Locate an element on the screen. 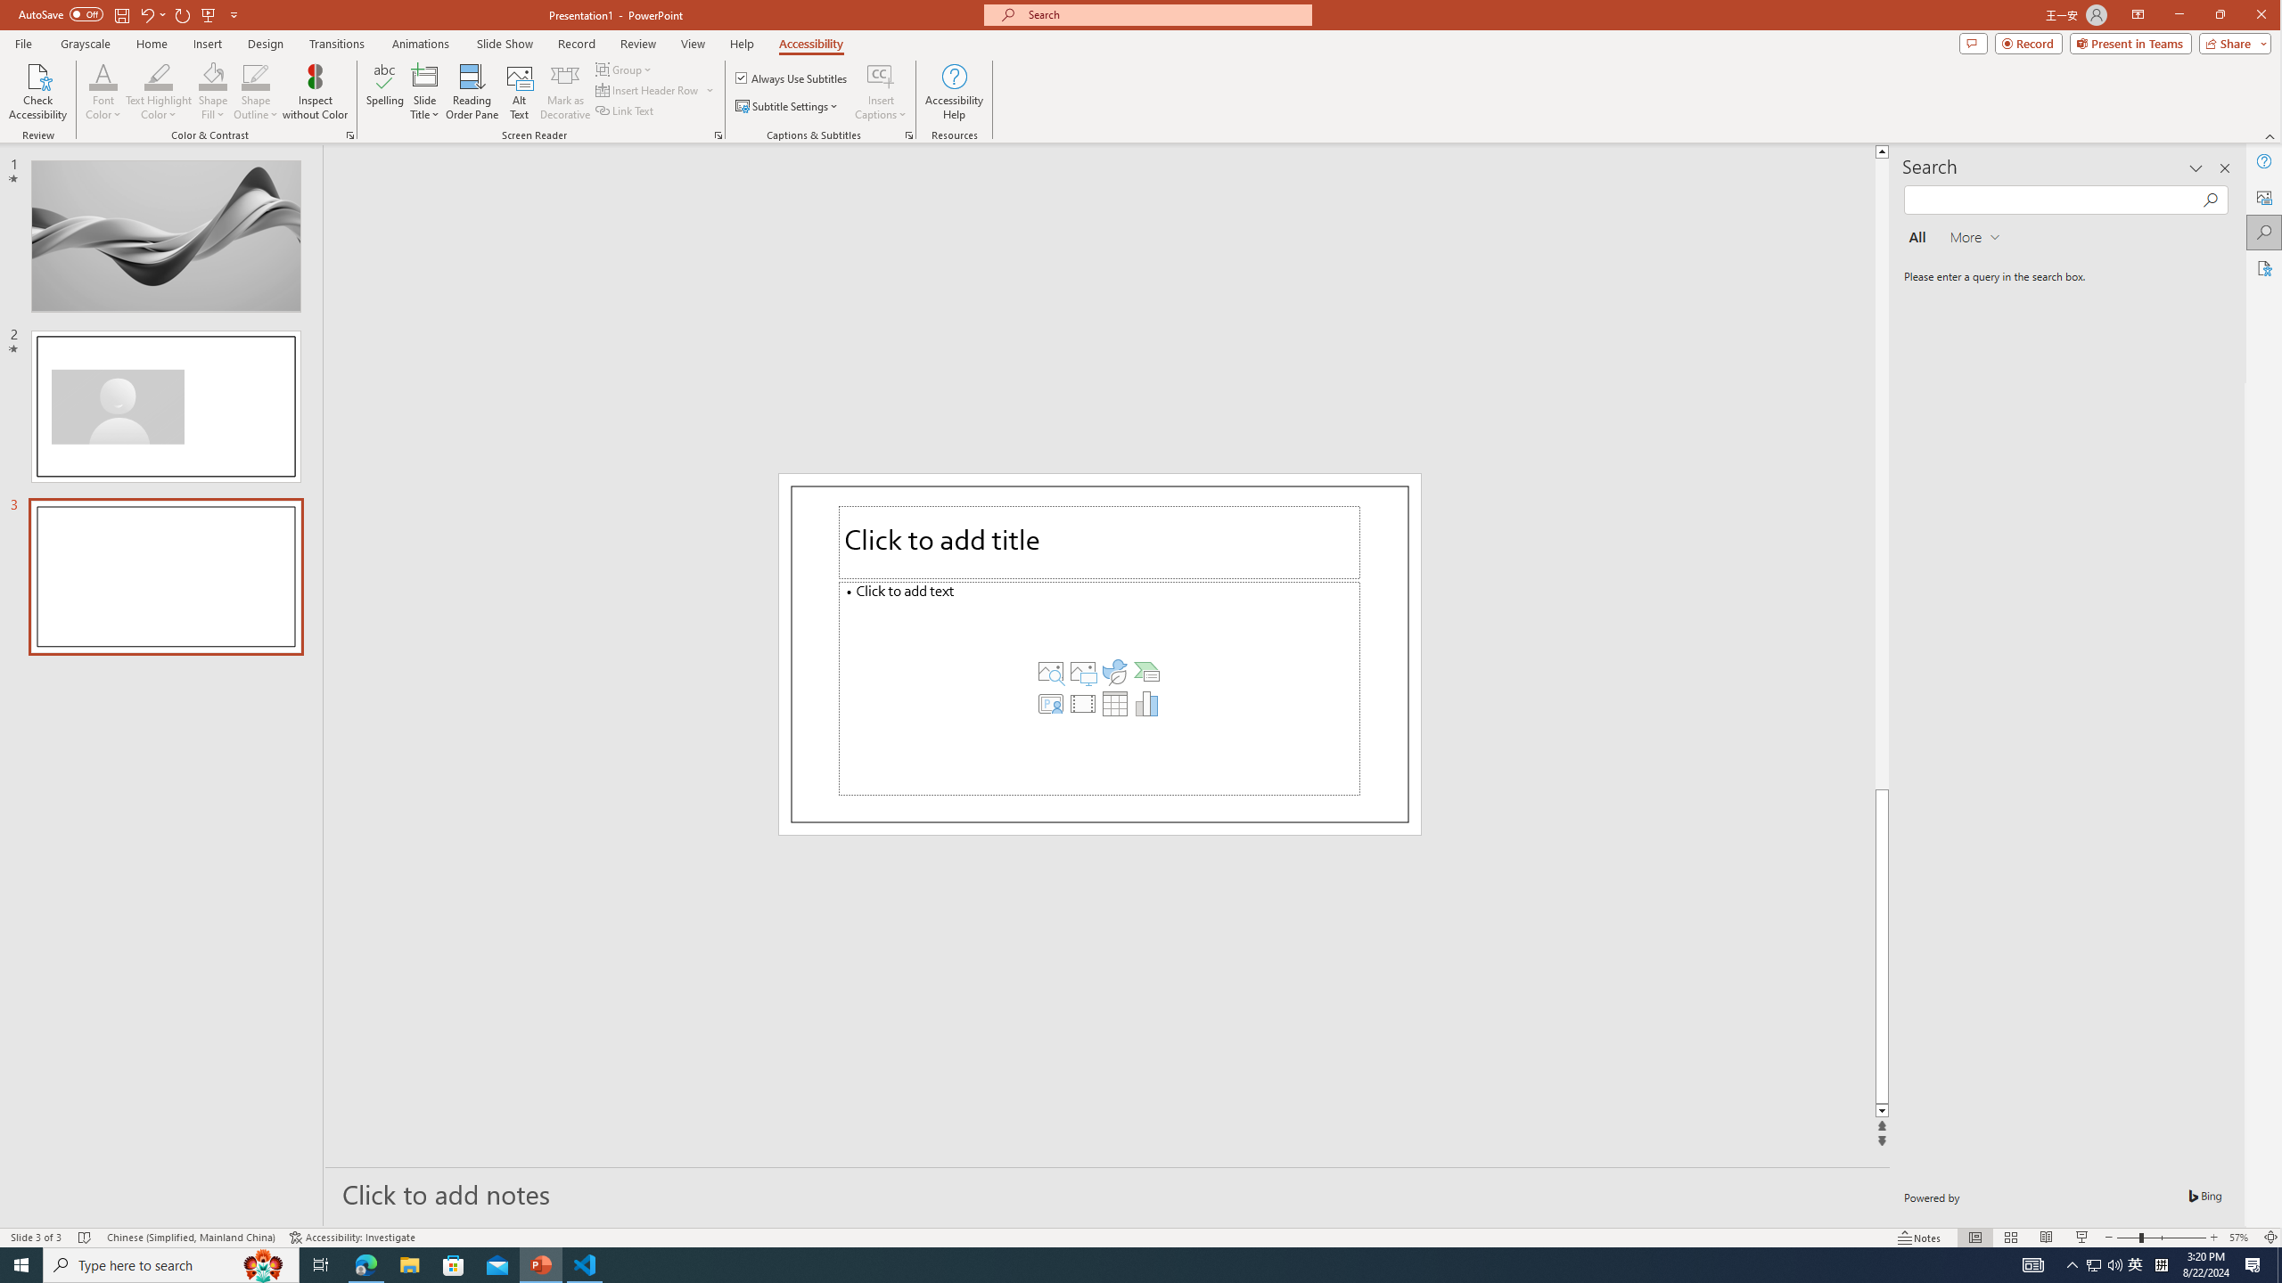 Image resolution: width=2282 pixels, height=1283 pixels. 'Always Use Subtitles' is located at coordinates (792, 78).